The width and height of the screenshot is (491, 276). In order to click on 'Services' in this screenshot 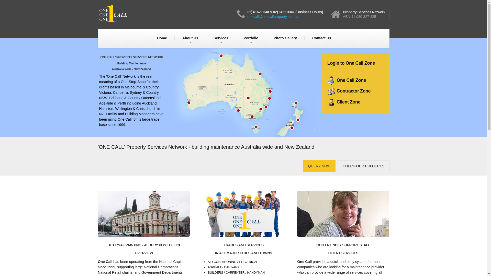, I will do `click(221, 38)`.